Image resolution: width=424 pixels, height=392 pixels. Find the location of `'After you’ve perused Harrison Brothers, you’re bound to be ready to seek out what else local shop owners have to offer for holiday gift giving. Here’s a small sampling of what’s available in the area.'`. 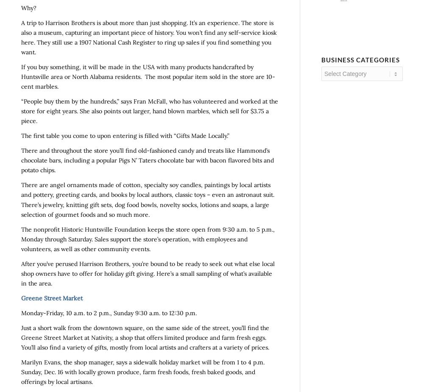

'After you’ve perused Harrison Brothers, you’re bound to be ready to seek out what else local shop owners have to offer for holiday gift giving. Here’s a small sampling of what’s available in the area.' is located at coordinates (21, 273).